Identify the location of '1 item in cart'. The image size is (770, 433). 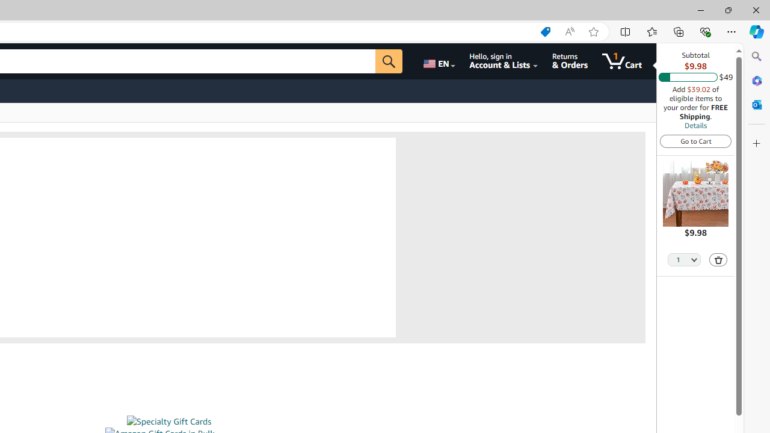
(622, 61).